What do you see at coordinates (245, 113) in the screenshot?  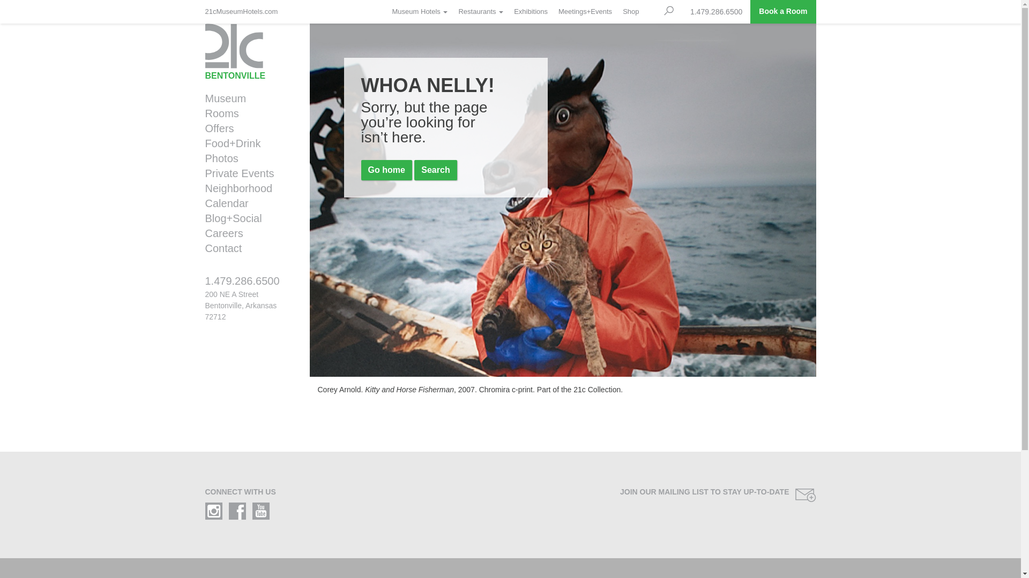 I see `'Rooms'` at bounding box center [245, 113].